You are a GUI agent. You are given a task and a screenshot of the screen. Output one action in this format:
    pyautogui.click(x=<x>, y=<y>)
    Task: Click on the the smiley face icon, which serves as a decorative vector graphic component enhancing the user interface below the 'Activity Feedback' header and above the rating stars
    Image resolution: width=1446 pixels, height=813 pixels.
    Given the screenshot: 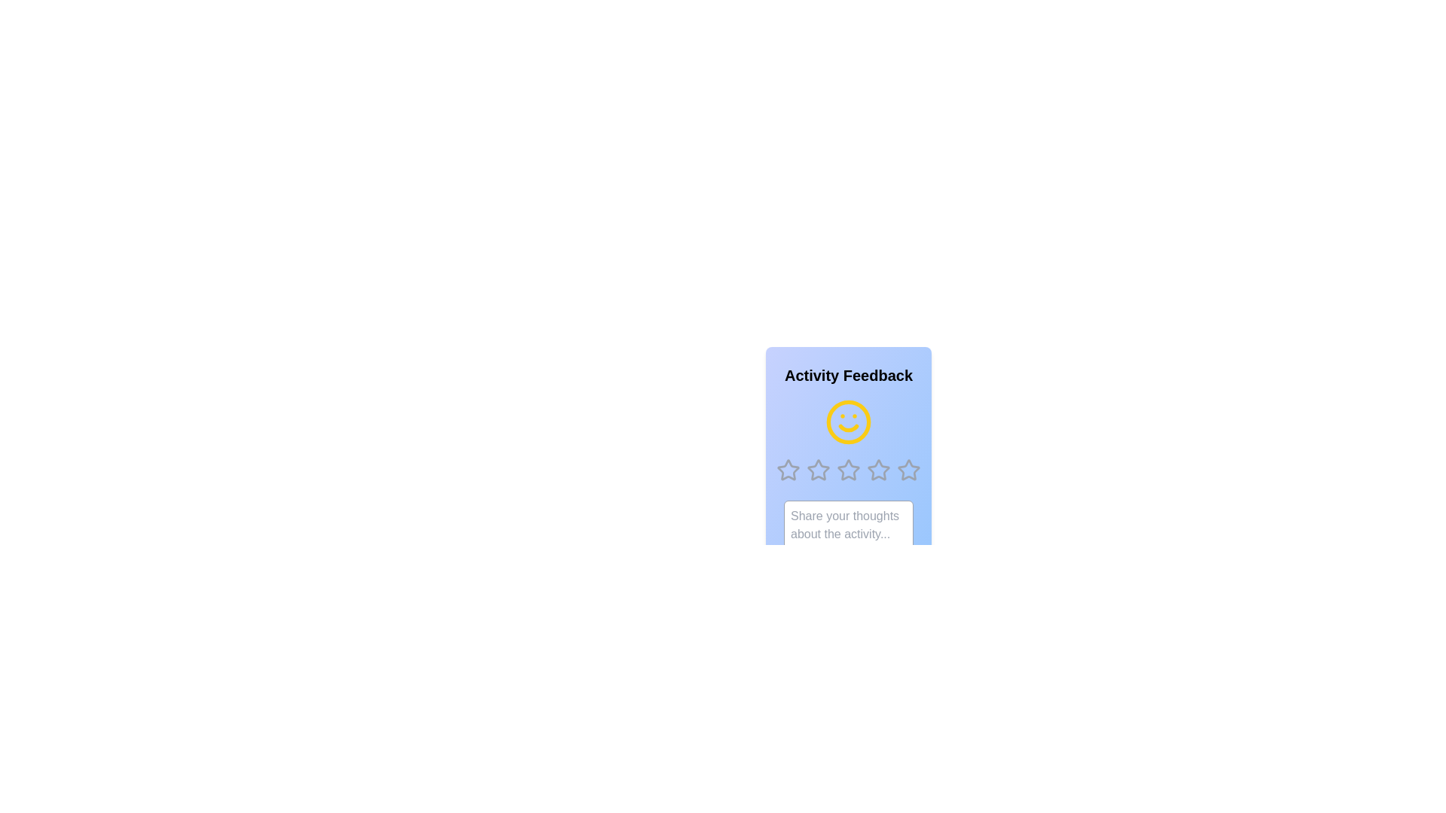 What is the action you would take?
    pyautogui.click(x=849, y=422)
    